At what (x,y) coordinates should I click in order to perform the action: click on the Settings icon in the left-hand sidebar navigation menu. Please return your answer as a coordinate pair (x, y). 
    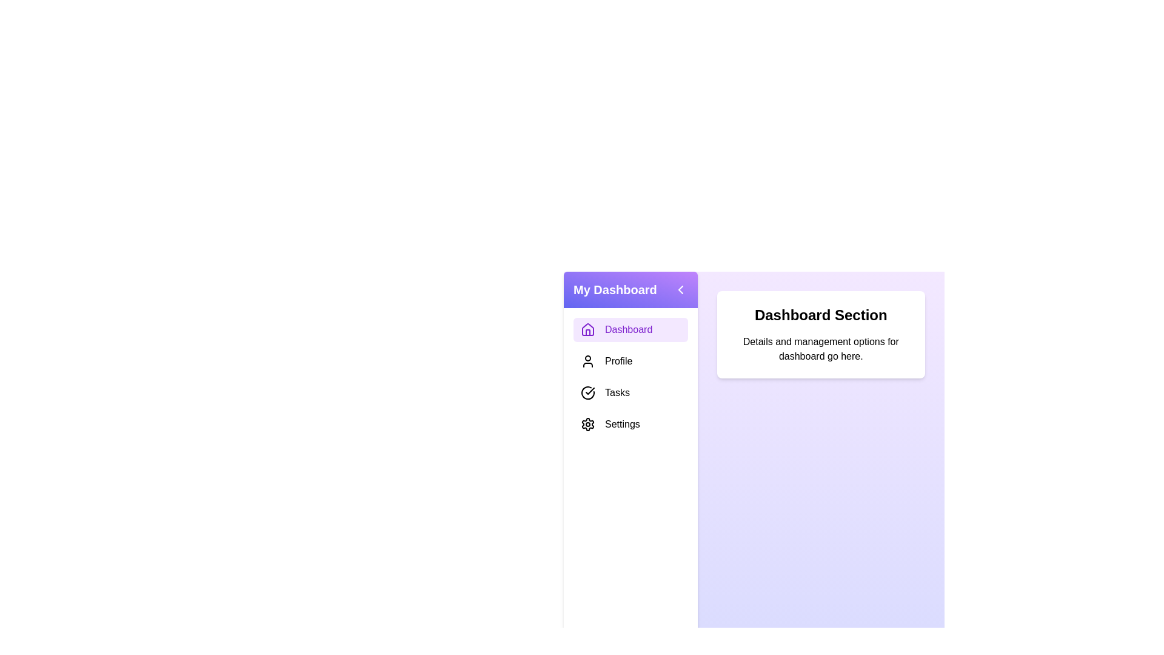
    Looking at the image, I should click on (587, 423).